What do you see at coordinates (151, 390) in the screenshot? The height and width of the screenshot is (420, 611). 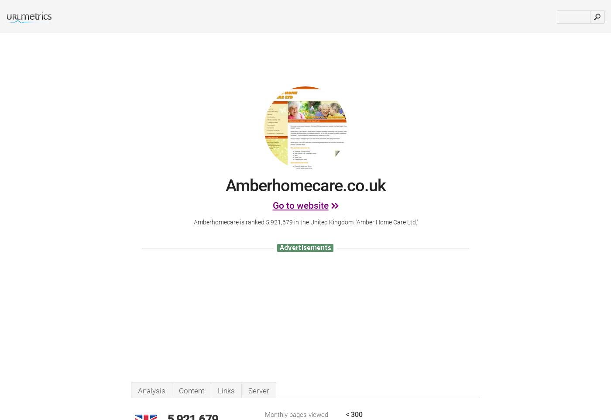 I see `'Analysis'` at bounding box center [151, 390].